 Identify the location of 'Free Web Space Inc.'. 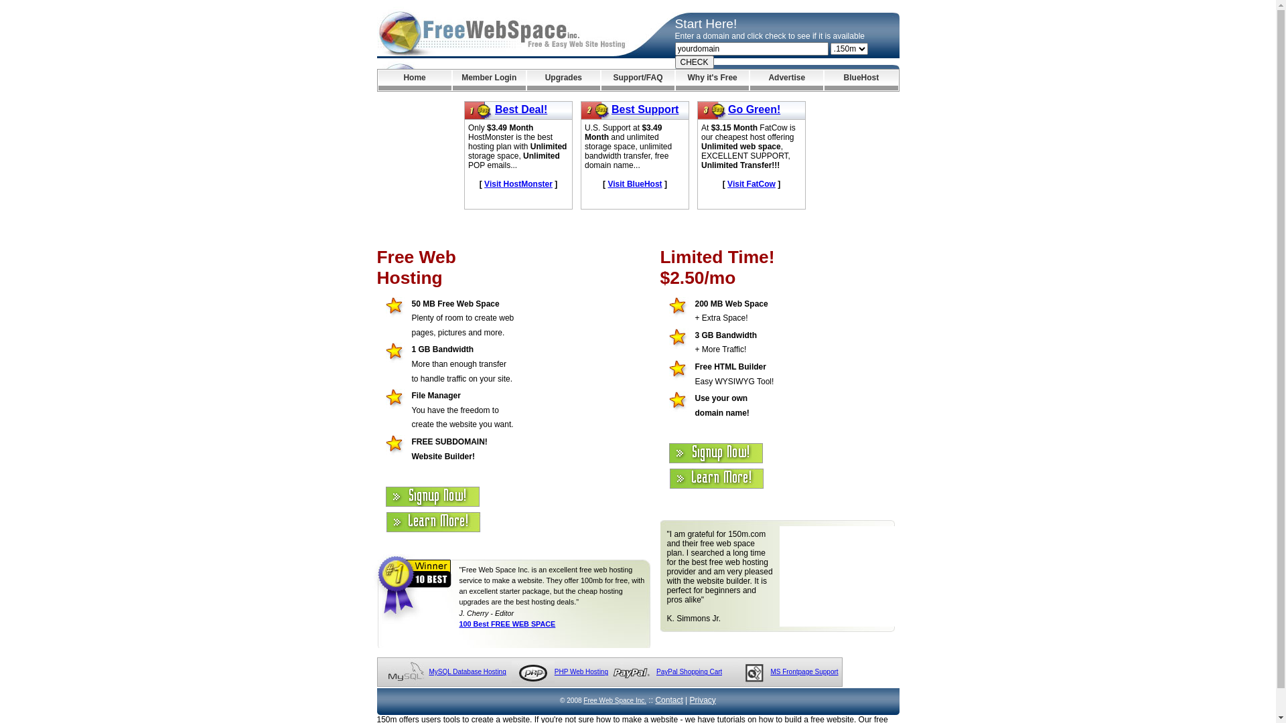
(614, 700).